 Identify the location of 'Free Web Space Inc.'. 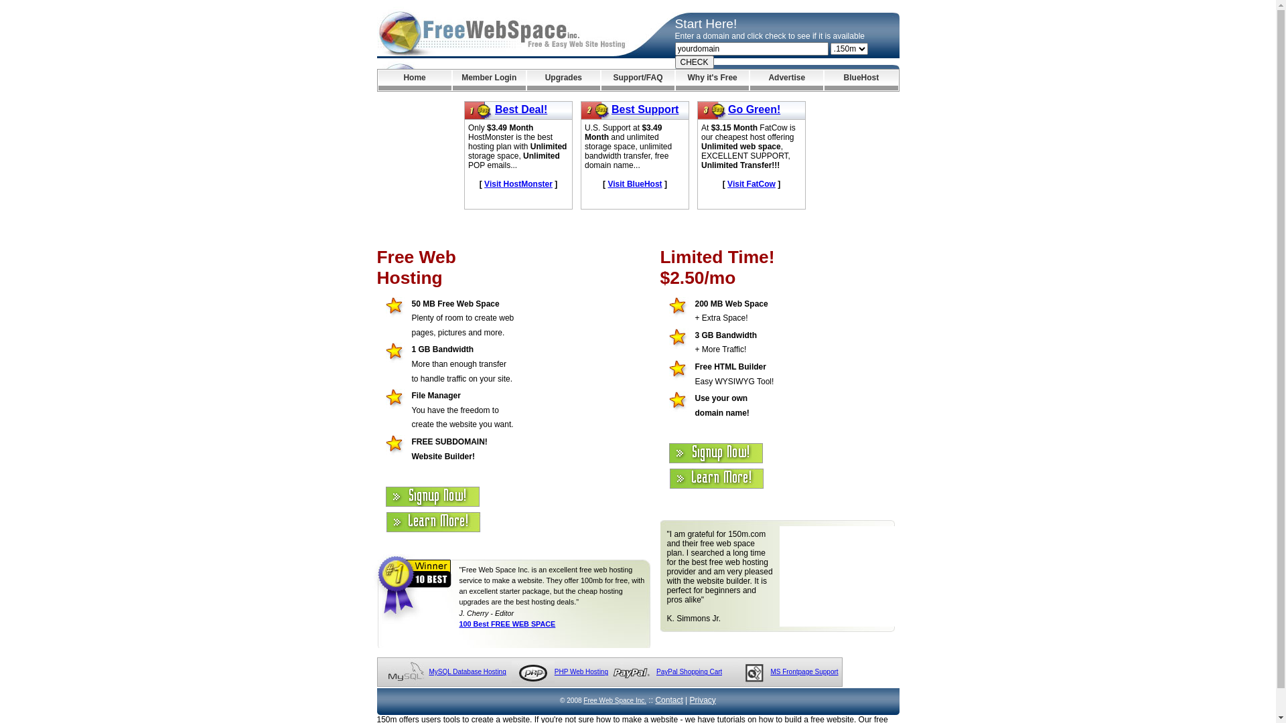
(614, 700).